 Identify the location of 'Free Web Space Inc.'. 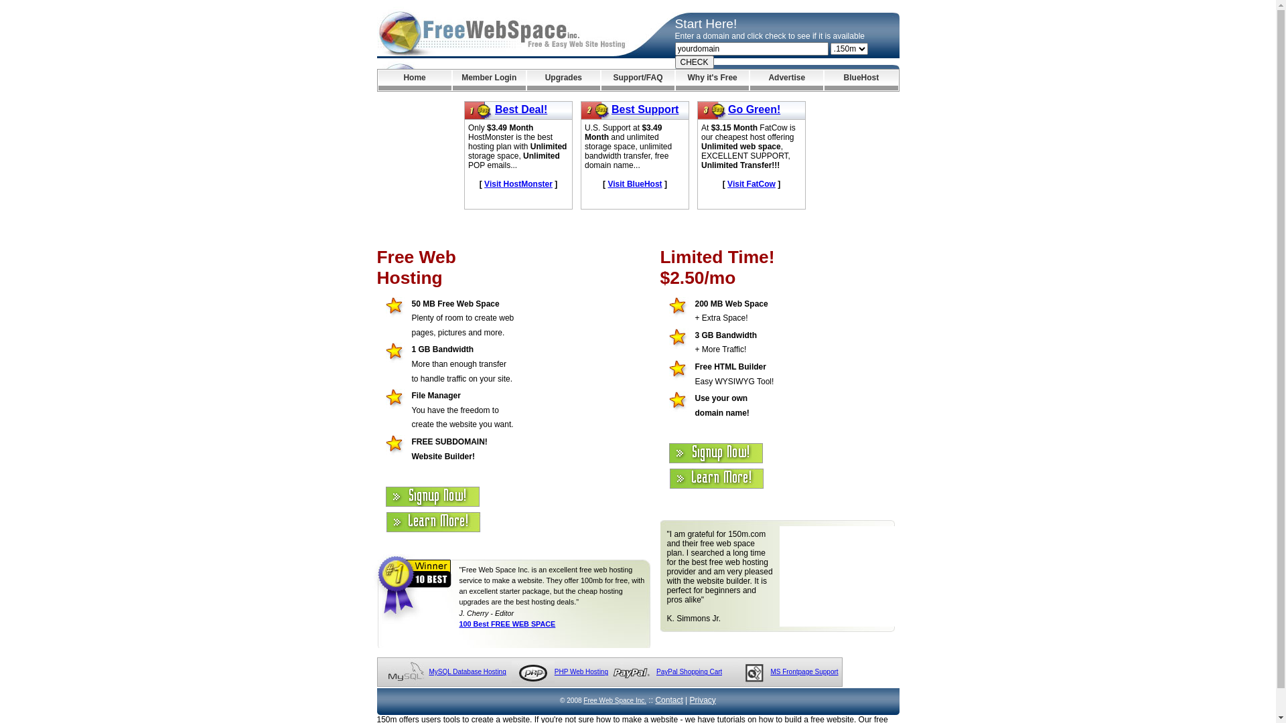
(614, 700).